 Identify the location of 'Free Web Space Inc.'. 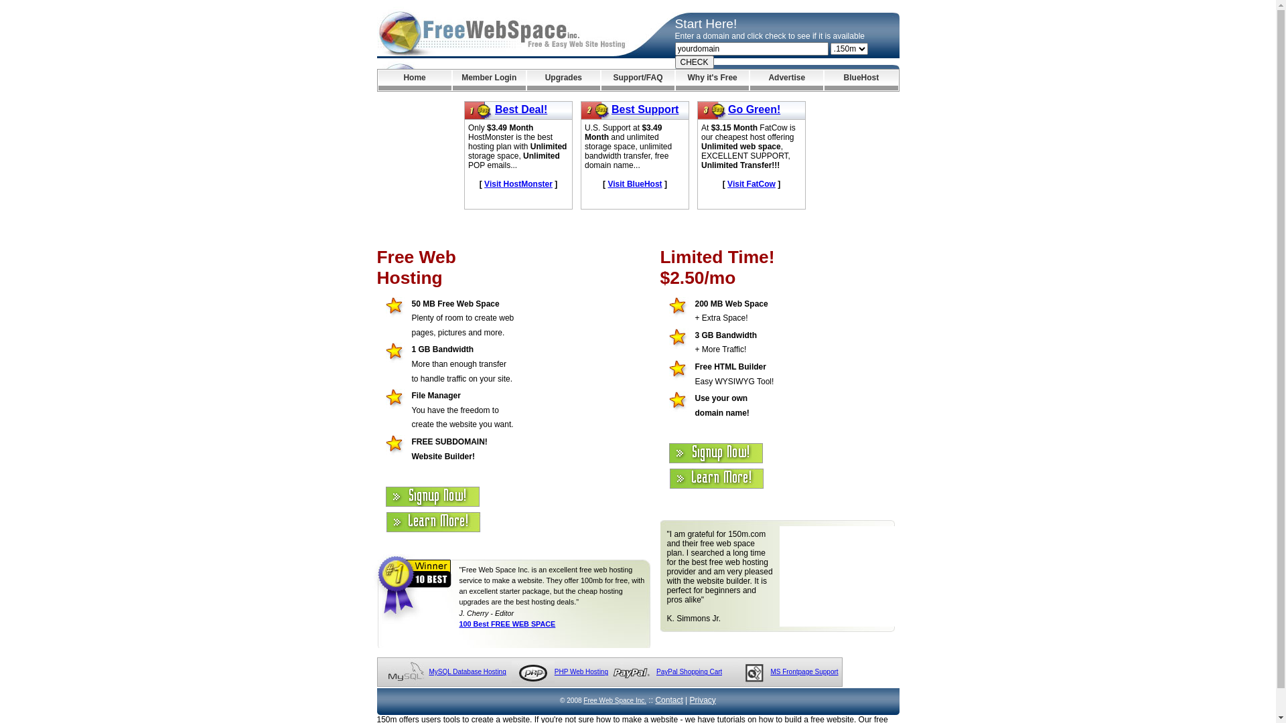
(614, 700).